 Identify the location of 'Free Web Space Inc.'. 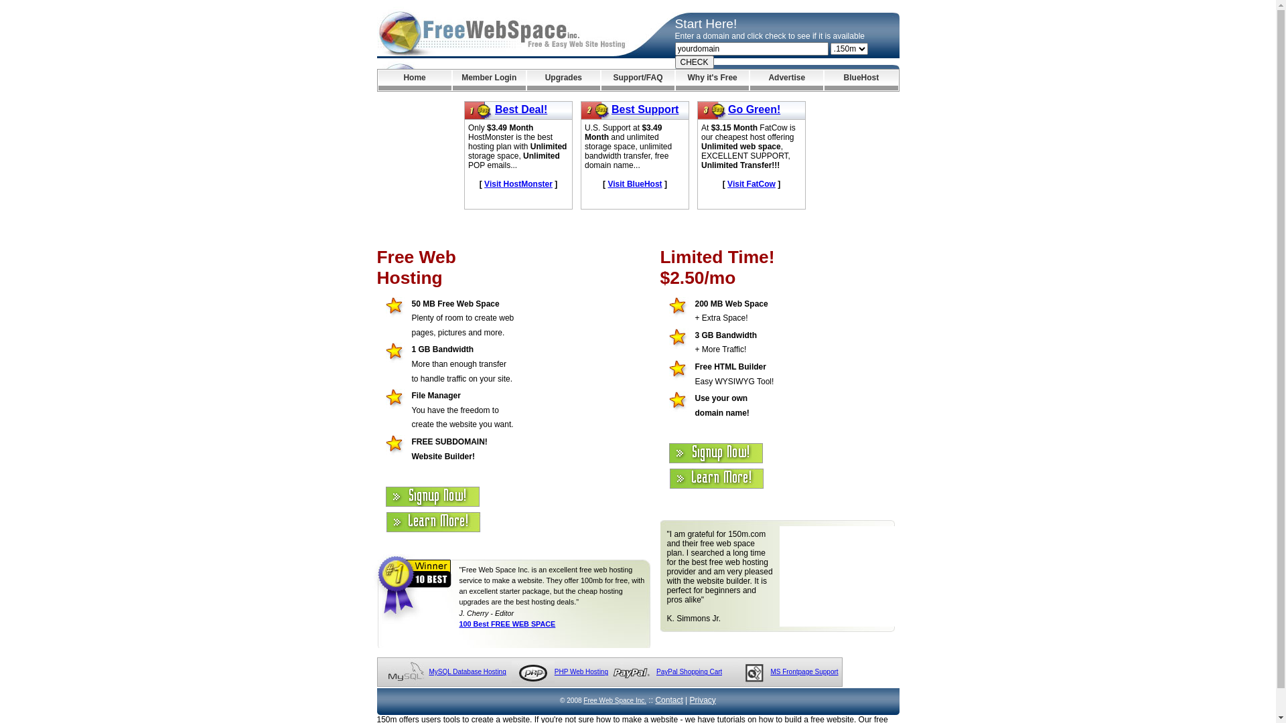
(614, 700).